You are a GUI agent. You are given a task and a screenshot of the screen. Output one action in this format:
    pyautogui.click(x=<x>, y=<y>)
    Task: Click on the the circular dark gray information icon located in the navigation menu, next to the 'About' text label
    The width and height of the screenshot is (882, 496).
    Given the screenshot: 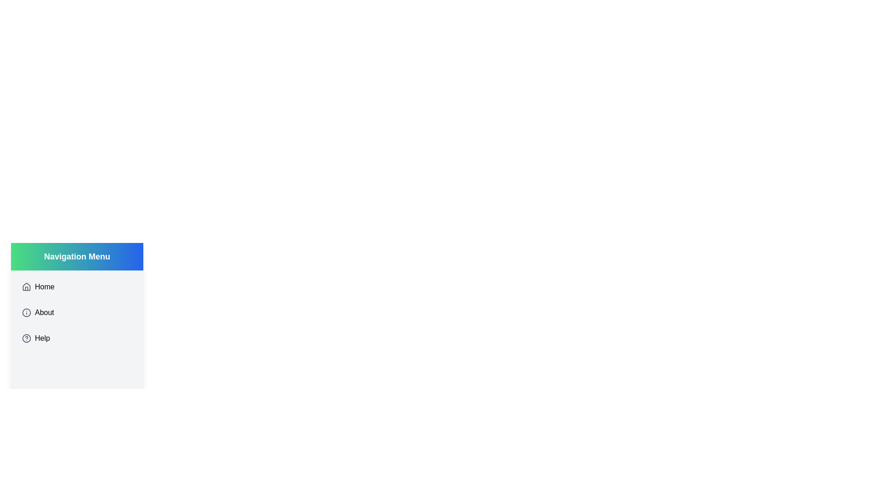 What is the action you would take?
    pyautogui.click(x=26, y=312)
    